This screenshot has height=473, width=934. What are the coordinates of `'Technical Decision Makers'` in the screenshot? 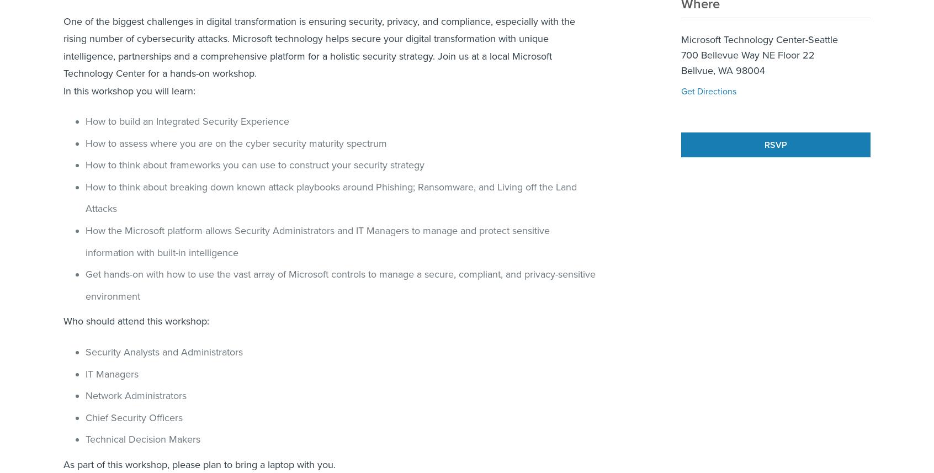 It's located at (142, 439).